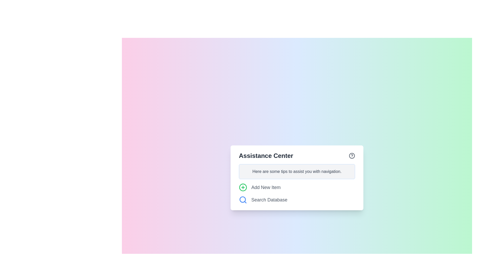  What do you see at coordinates (297, 172) in the screenshot?
I see `informational text label located towards the middle-right of the interface under the 'Assistance Center' heading` at bounding box center [297, 172].